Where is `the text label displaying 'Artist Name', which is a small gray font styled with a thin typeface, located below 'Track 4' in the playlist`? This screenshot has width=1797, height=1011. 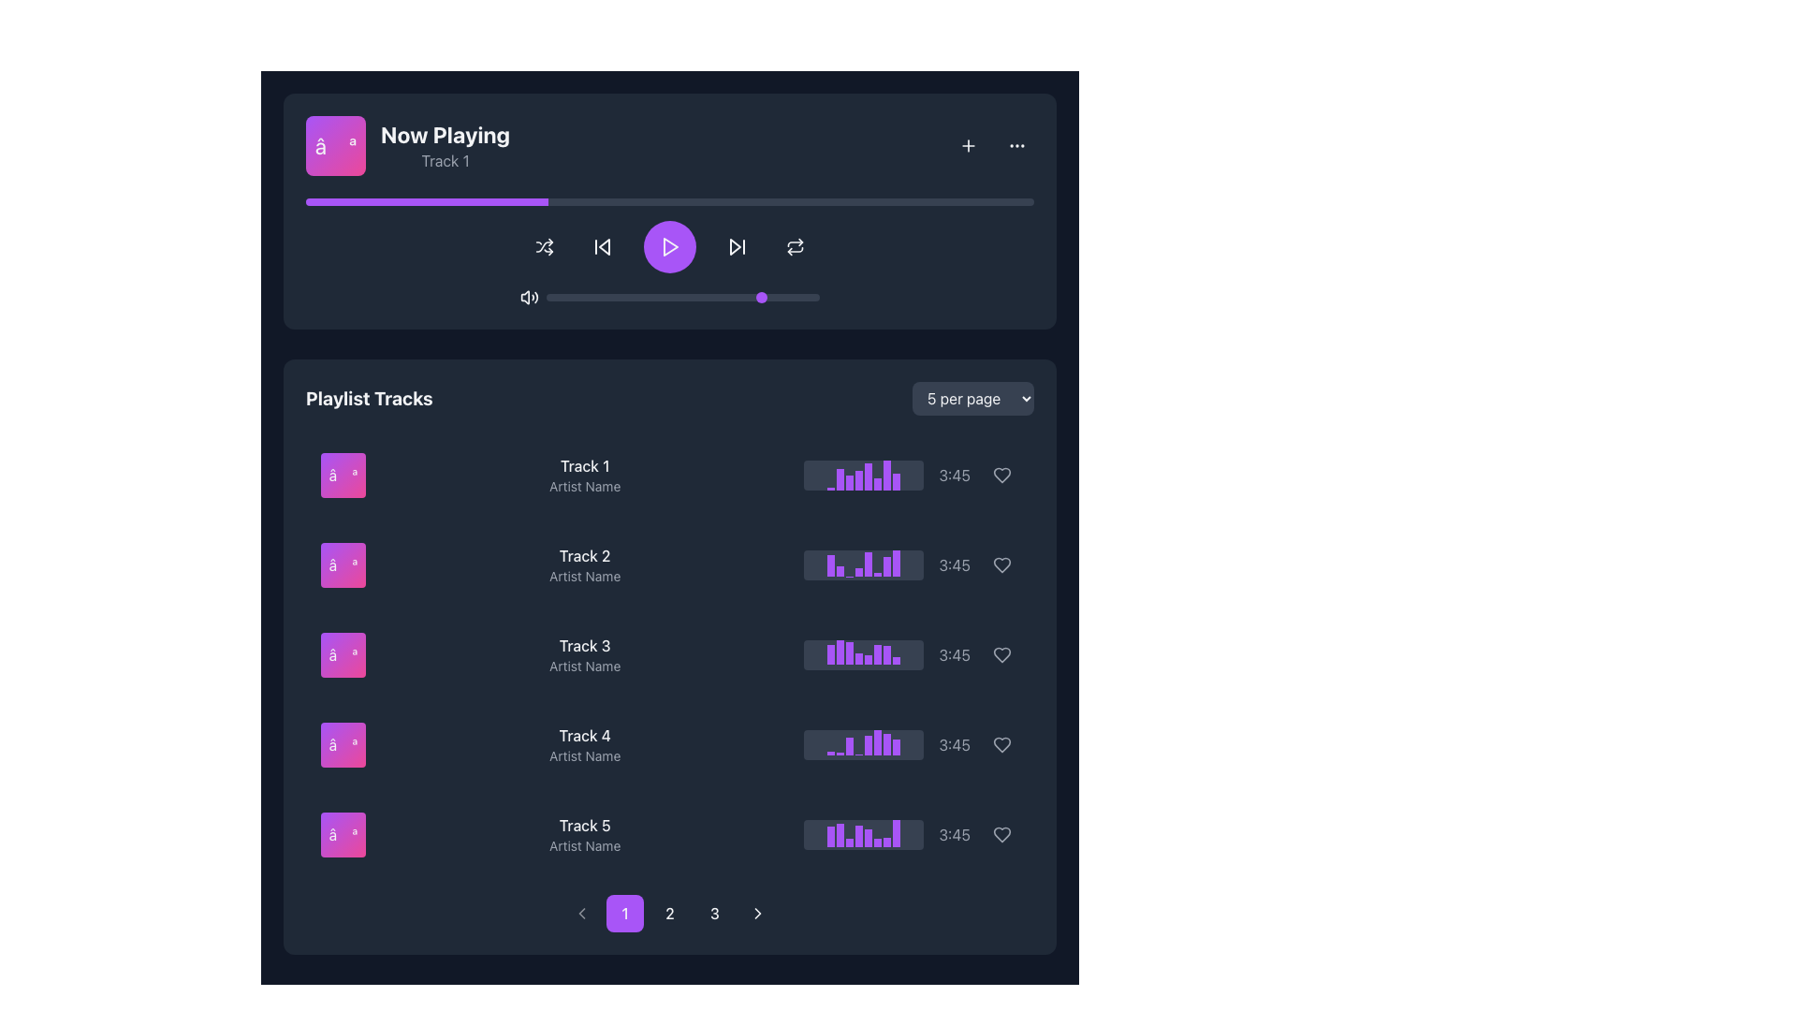
the text label displaying 'Artist Name', which is a small gray font styled with a thin typeface, located below 'Track 4' in the playlist is located at coordinates (584, 755).